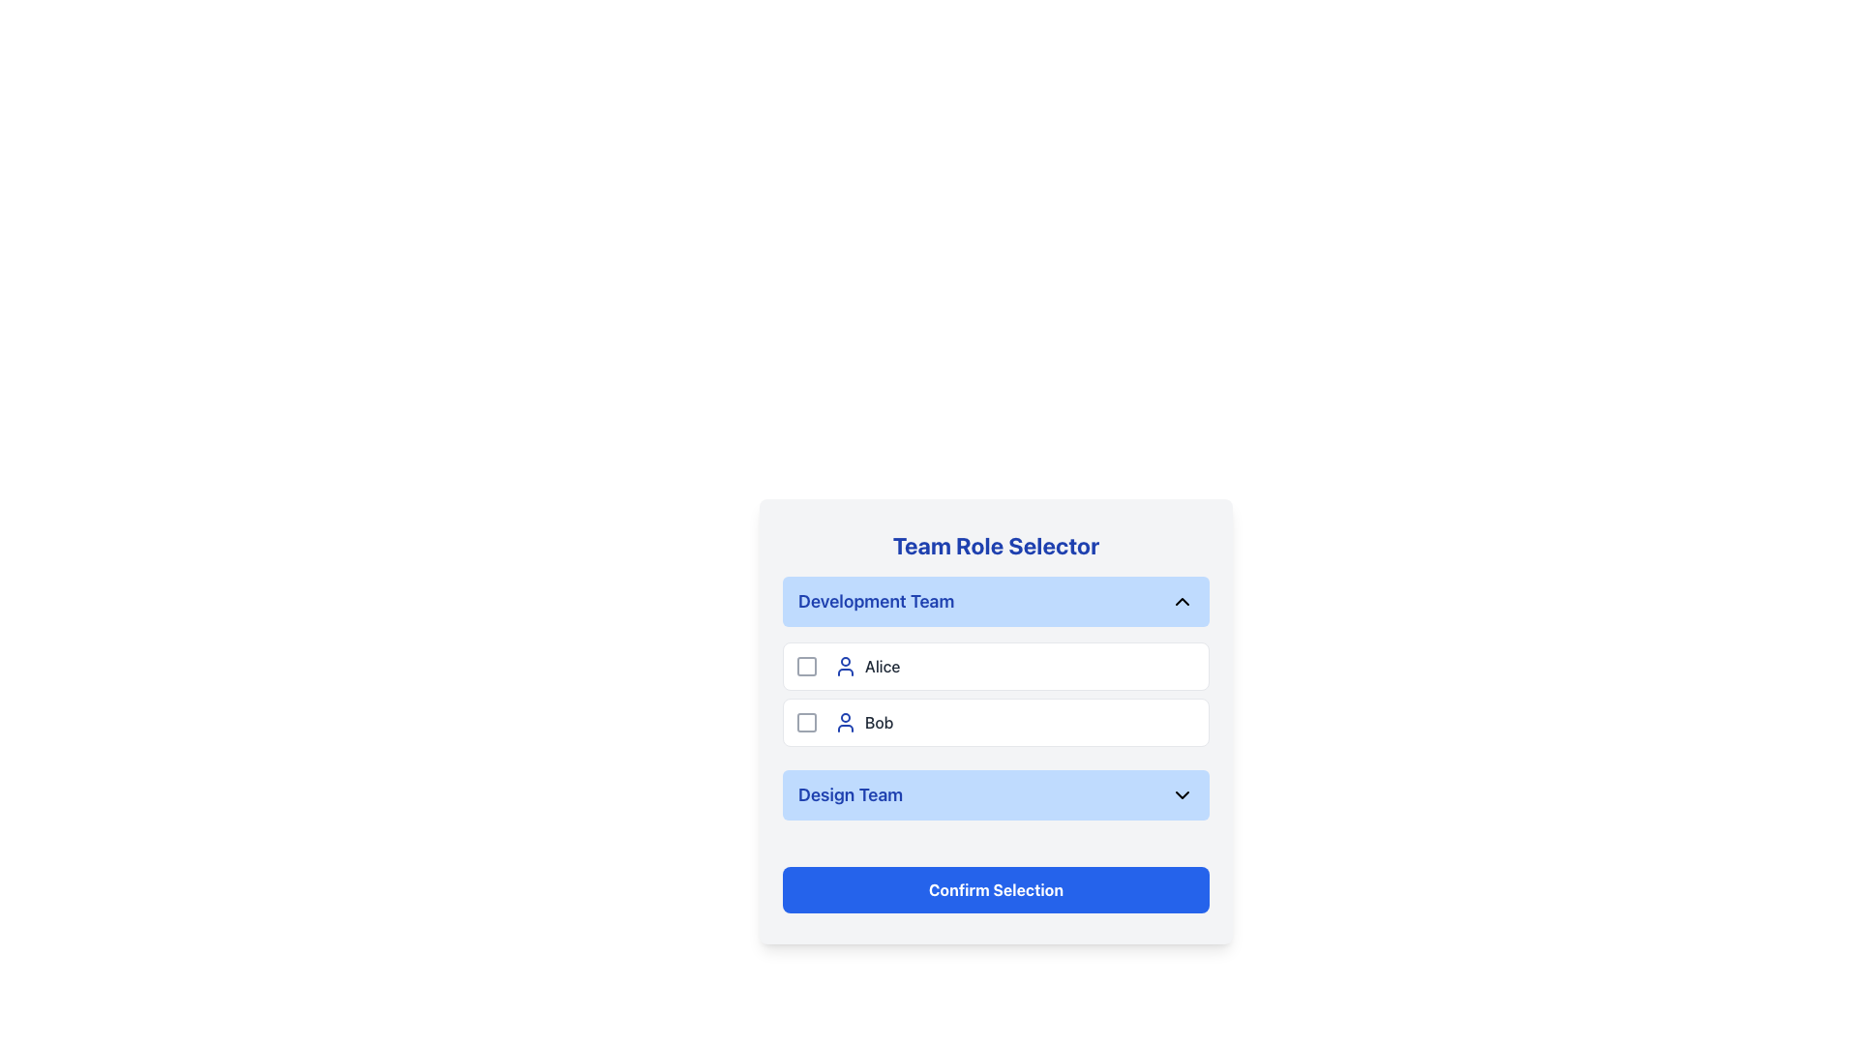 Image resolution: width=1858 pixels, height=1045 pixels. Describe the element at coordinates (807, 666) in the screenshot. I see `the Checkbox element located to the left of the name 'Alice' to receive a visual response` at that location.